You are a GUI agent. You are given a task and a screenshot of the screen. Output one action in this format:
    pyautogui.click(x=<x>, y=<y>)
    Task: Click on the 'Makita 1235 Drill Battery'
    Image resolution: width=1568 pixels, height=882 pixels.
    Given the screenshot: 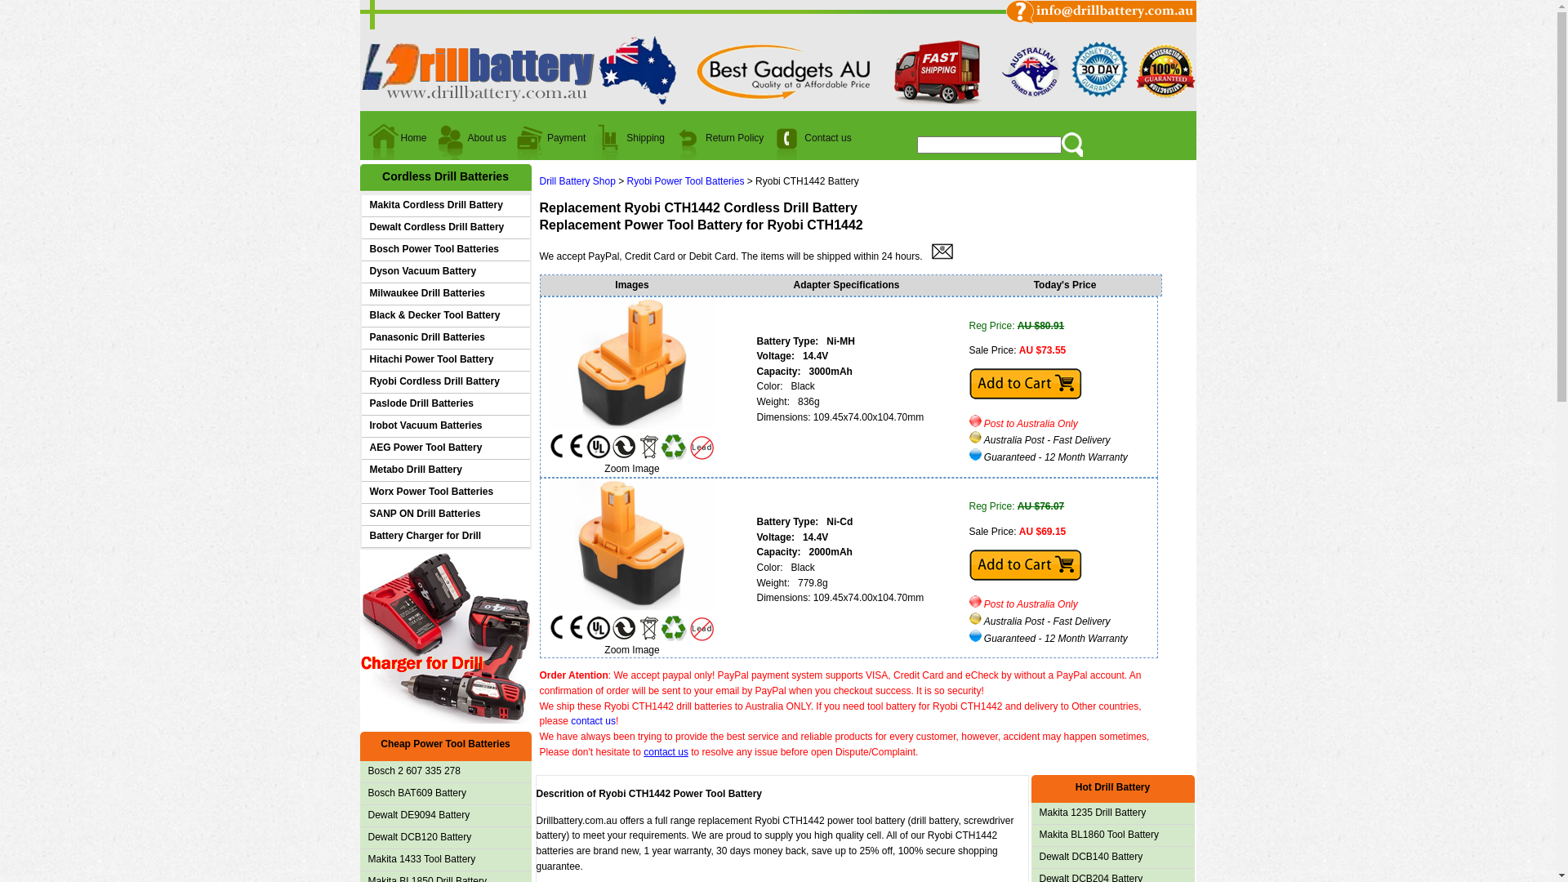 What is the action you would take?
    pyautogui.click(x=1111, y=813)
    